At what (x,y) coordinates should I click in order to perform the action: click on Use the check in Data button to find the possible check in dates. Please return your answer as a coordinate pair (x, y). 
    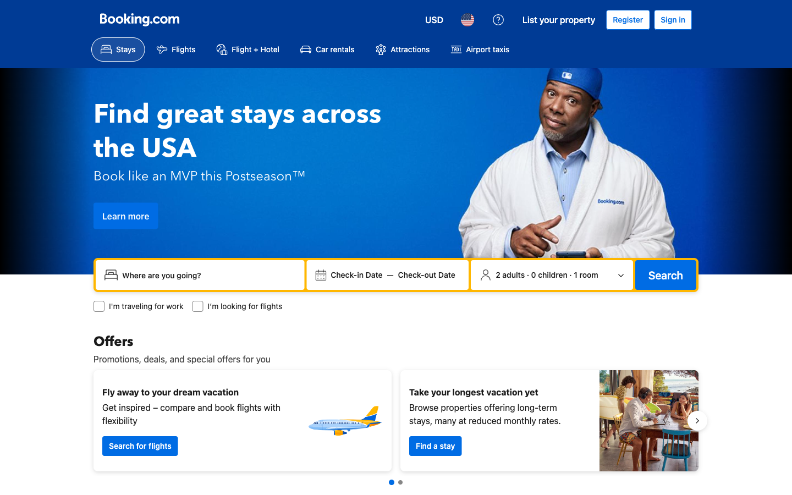
    Looking at the image, I should click on (356, 274).